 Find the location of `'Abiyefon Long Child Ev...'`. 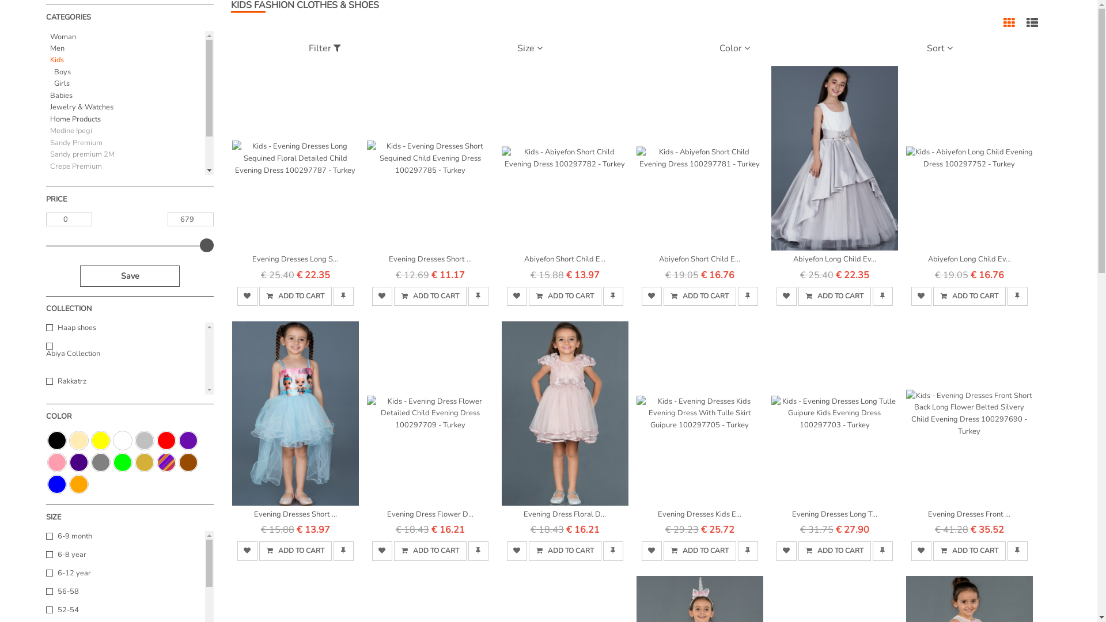

'Abiyefon Long Child Ev...' is located at coordinates (835, 165).